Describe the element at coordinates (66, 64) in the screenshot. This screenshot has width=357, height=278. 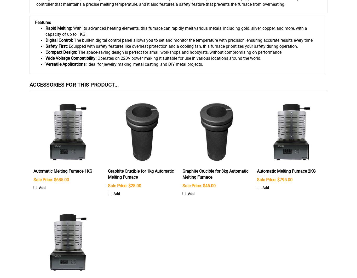
I see `'Versatile Applications:'` at that location.